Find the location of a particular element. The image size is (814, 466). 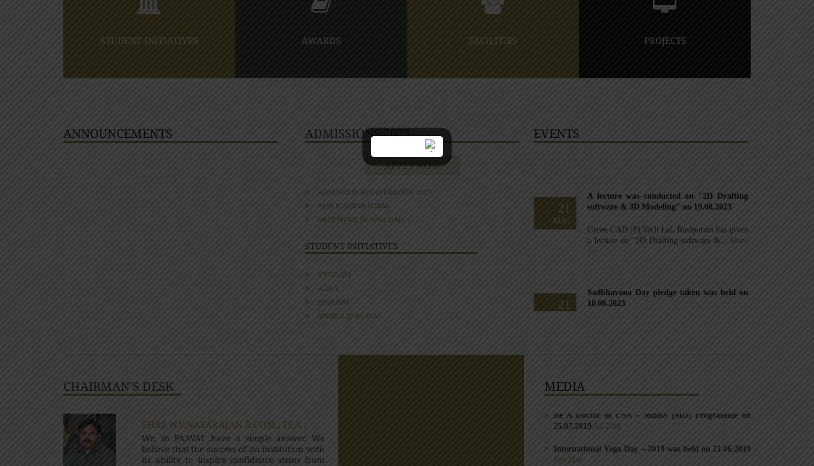

'Jan 17th' is located at coordinates (664, 92).